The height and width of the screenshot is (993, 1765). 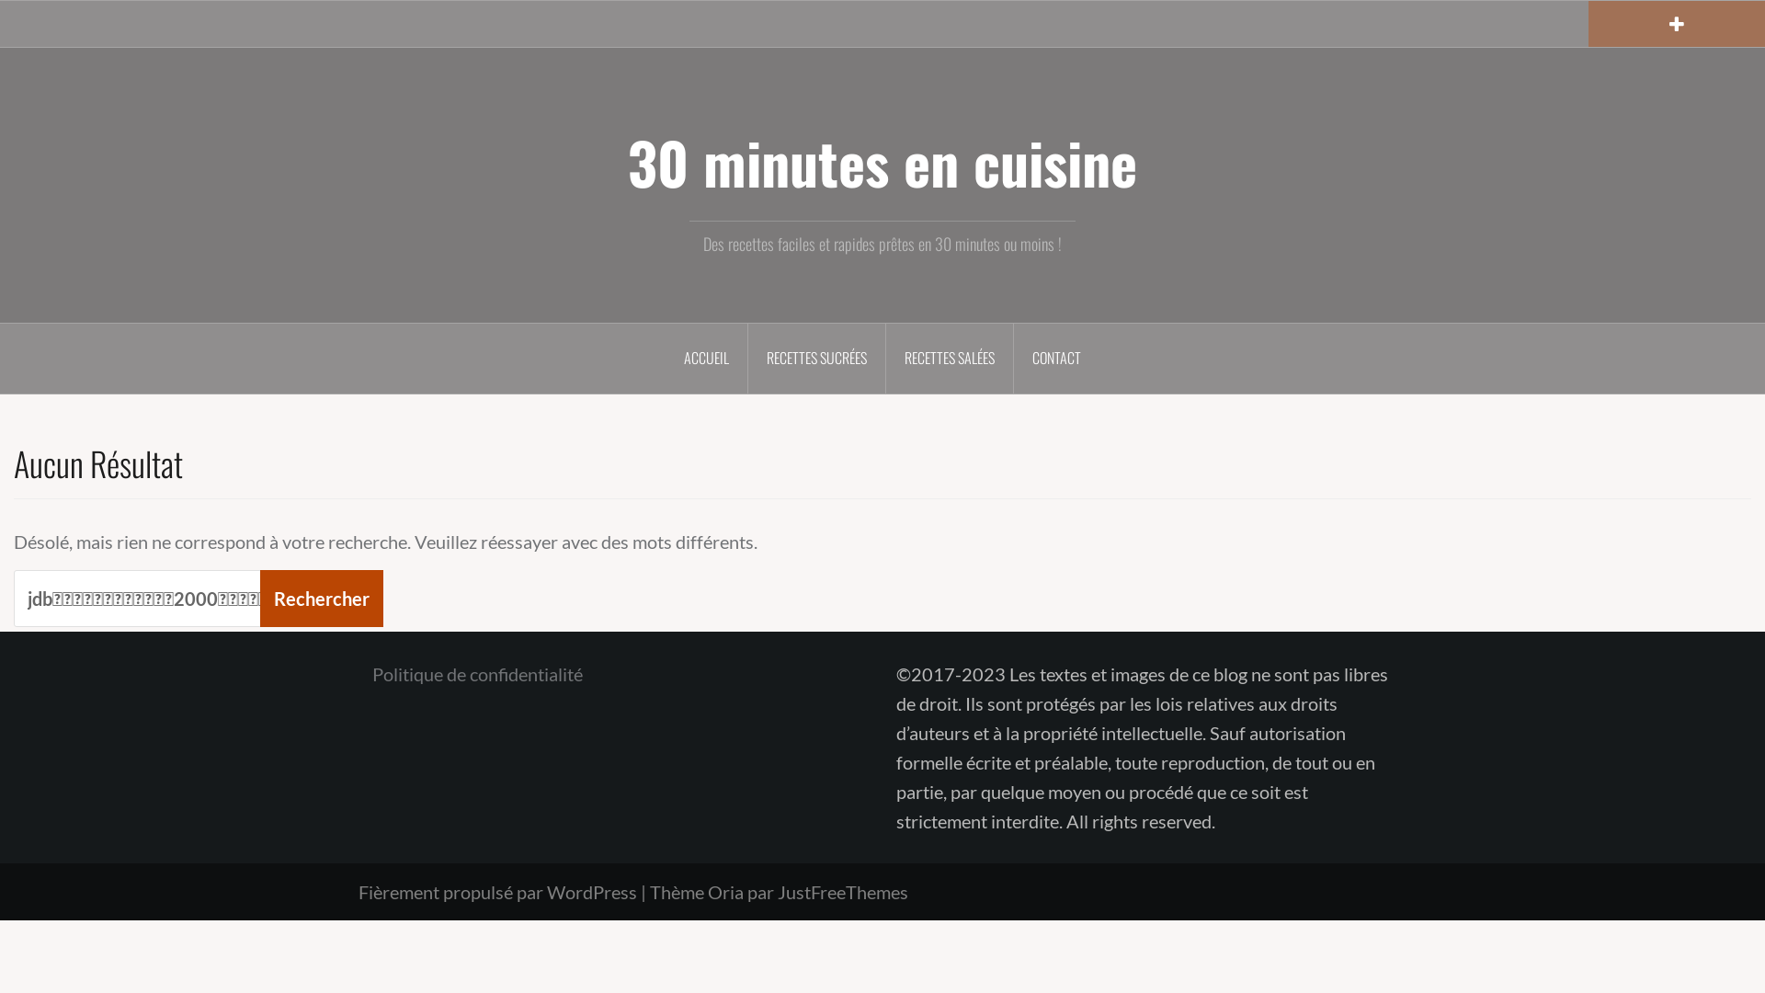 I want to click on 'ACCUEIL', so click(x=665, y=358).